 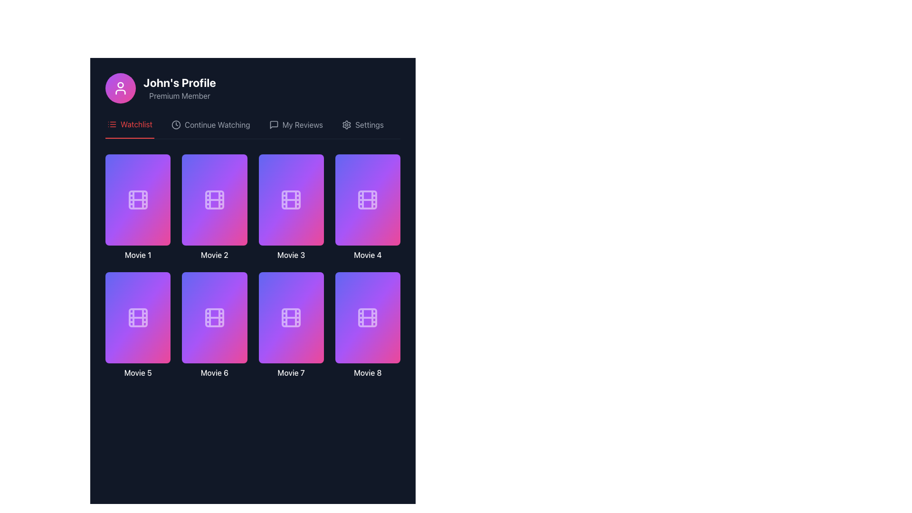 I want to click on the text label, so click(x=136, y=124).